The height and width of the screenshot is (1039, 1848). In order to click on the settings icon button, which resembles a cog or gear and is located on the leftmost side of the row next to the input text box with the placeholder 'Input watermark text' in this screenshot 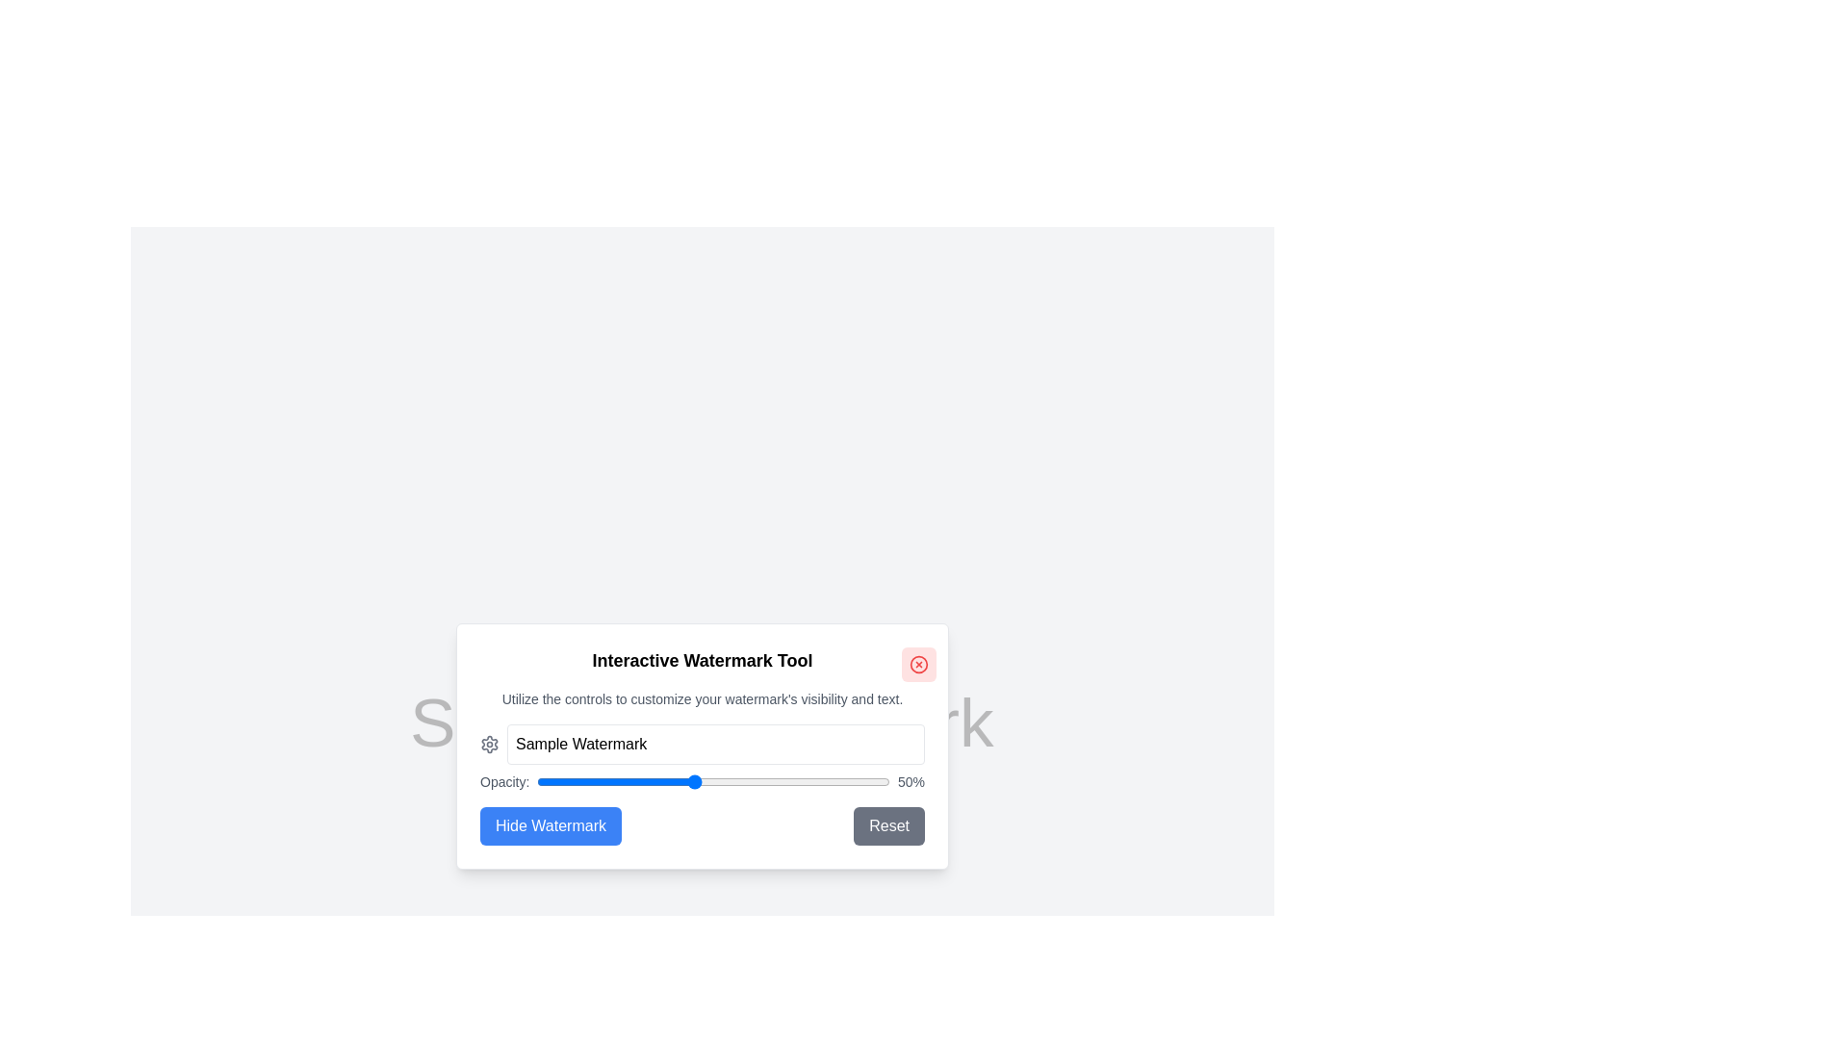, I will do `click(489, 744)`.